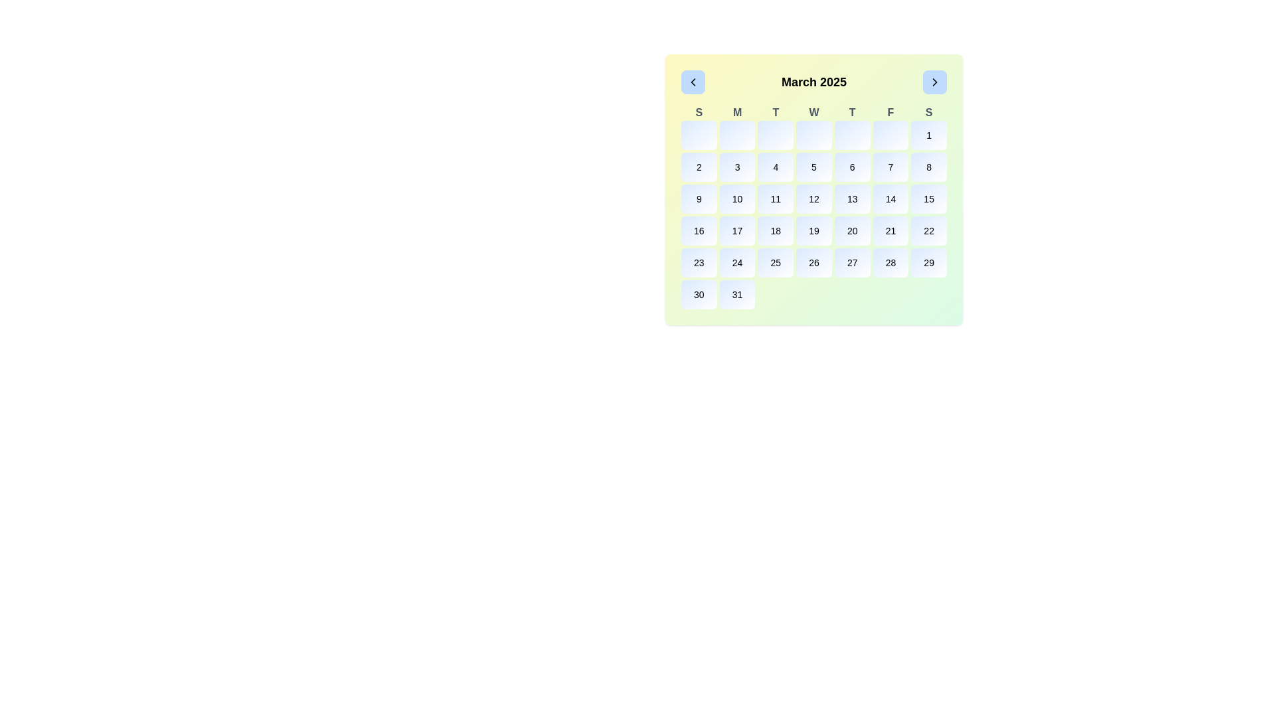 Image resolution: width=1275 pixels, height=717 pixels. What do you see at coordinates (736, 166) in the screenshot?
I see `the button representing the third day of March 2025 in the calendar` at bounding box center [736, 166].